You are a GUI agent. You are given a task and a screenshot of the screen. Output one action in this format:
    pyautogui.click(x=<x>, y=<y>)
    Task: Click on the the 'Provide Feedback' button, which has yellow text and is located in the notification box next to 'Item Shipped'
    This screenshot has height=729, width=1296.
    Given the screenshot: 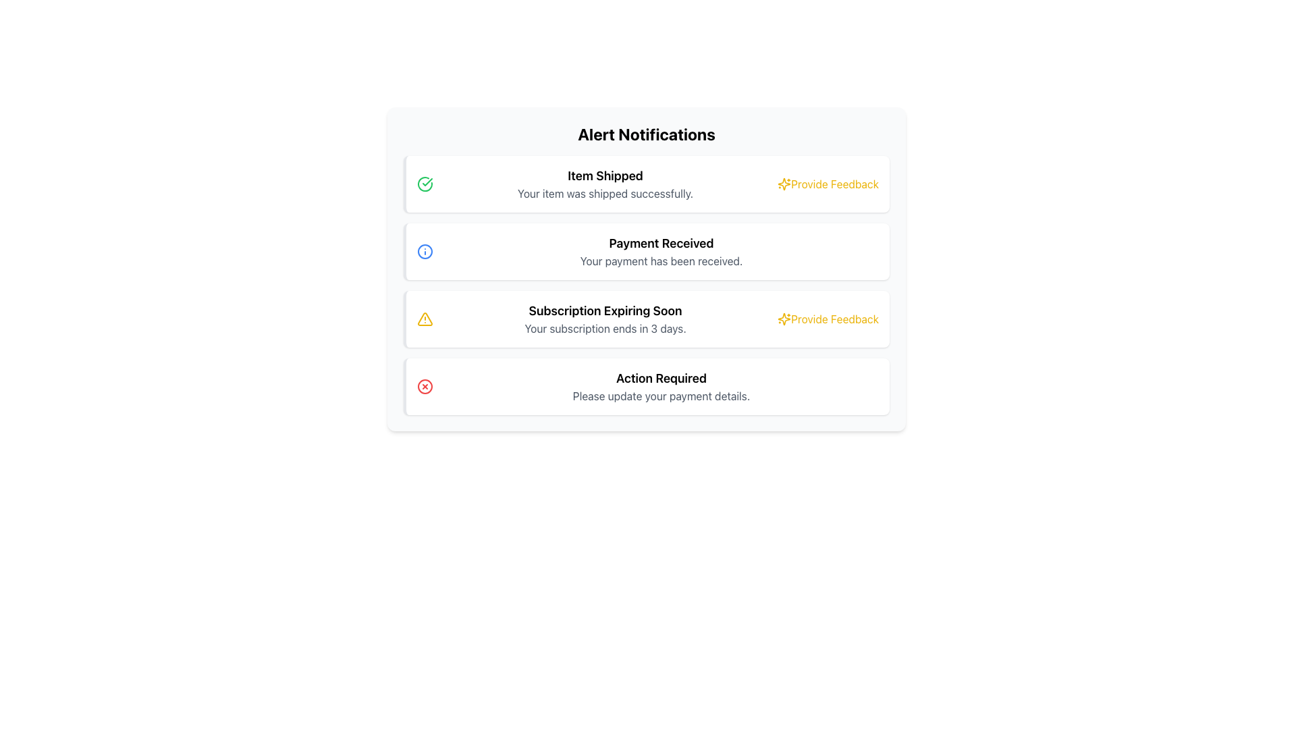 What is the action you would take?
    pyautogui.click(x=828, y=184)
    